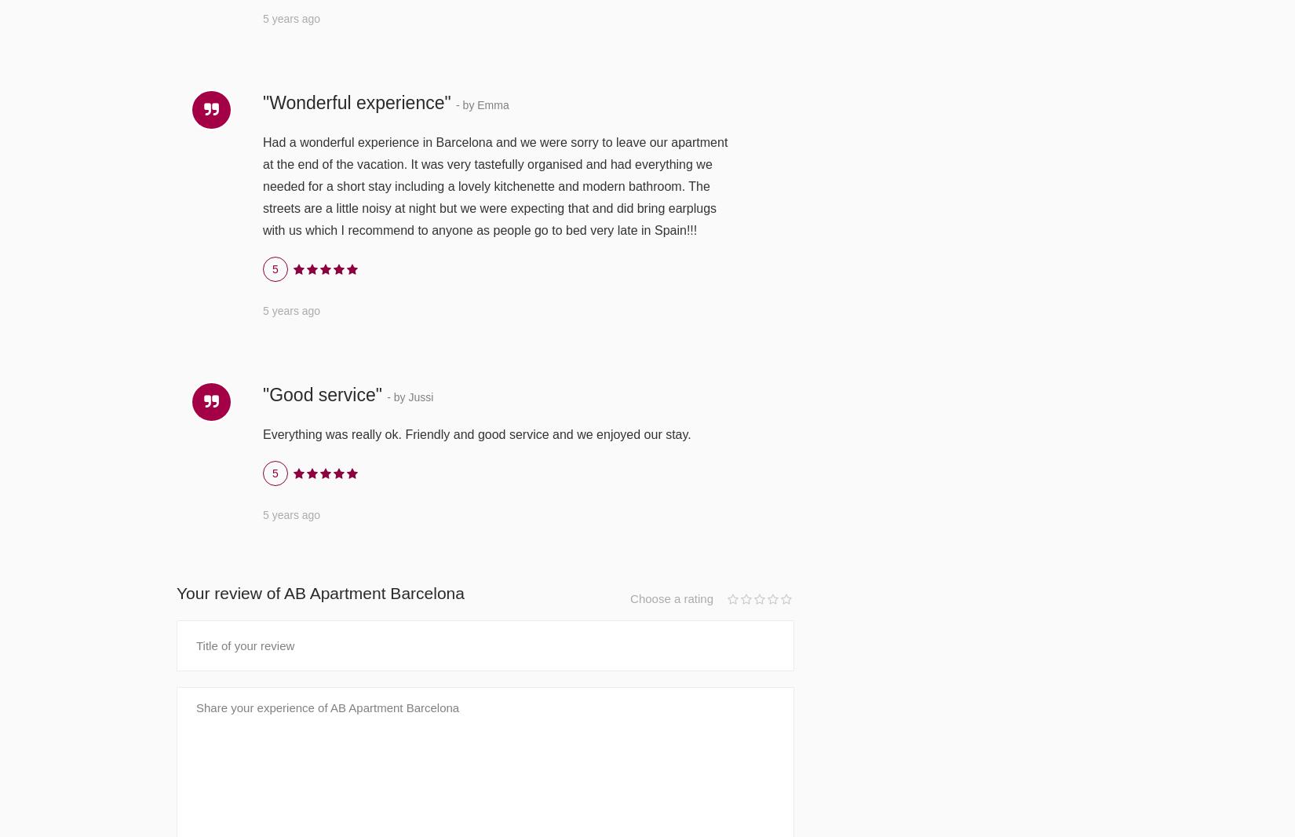 This screenshot has width=1295, height=837. Describe the element at coordinates (481, 104) in the screenshot. I see `'- by Emma'` at that location.